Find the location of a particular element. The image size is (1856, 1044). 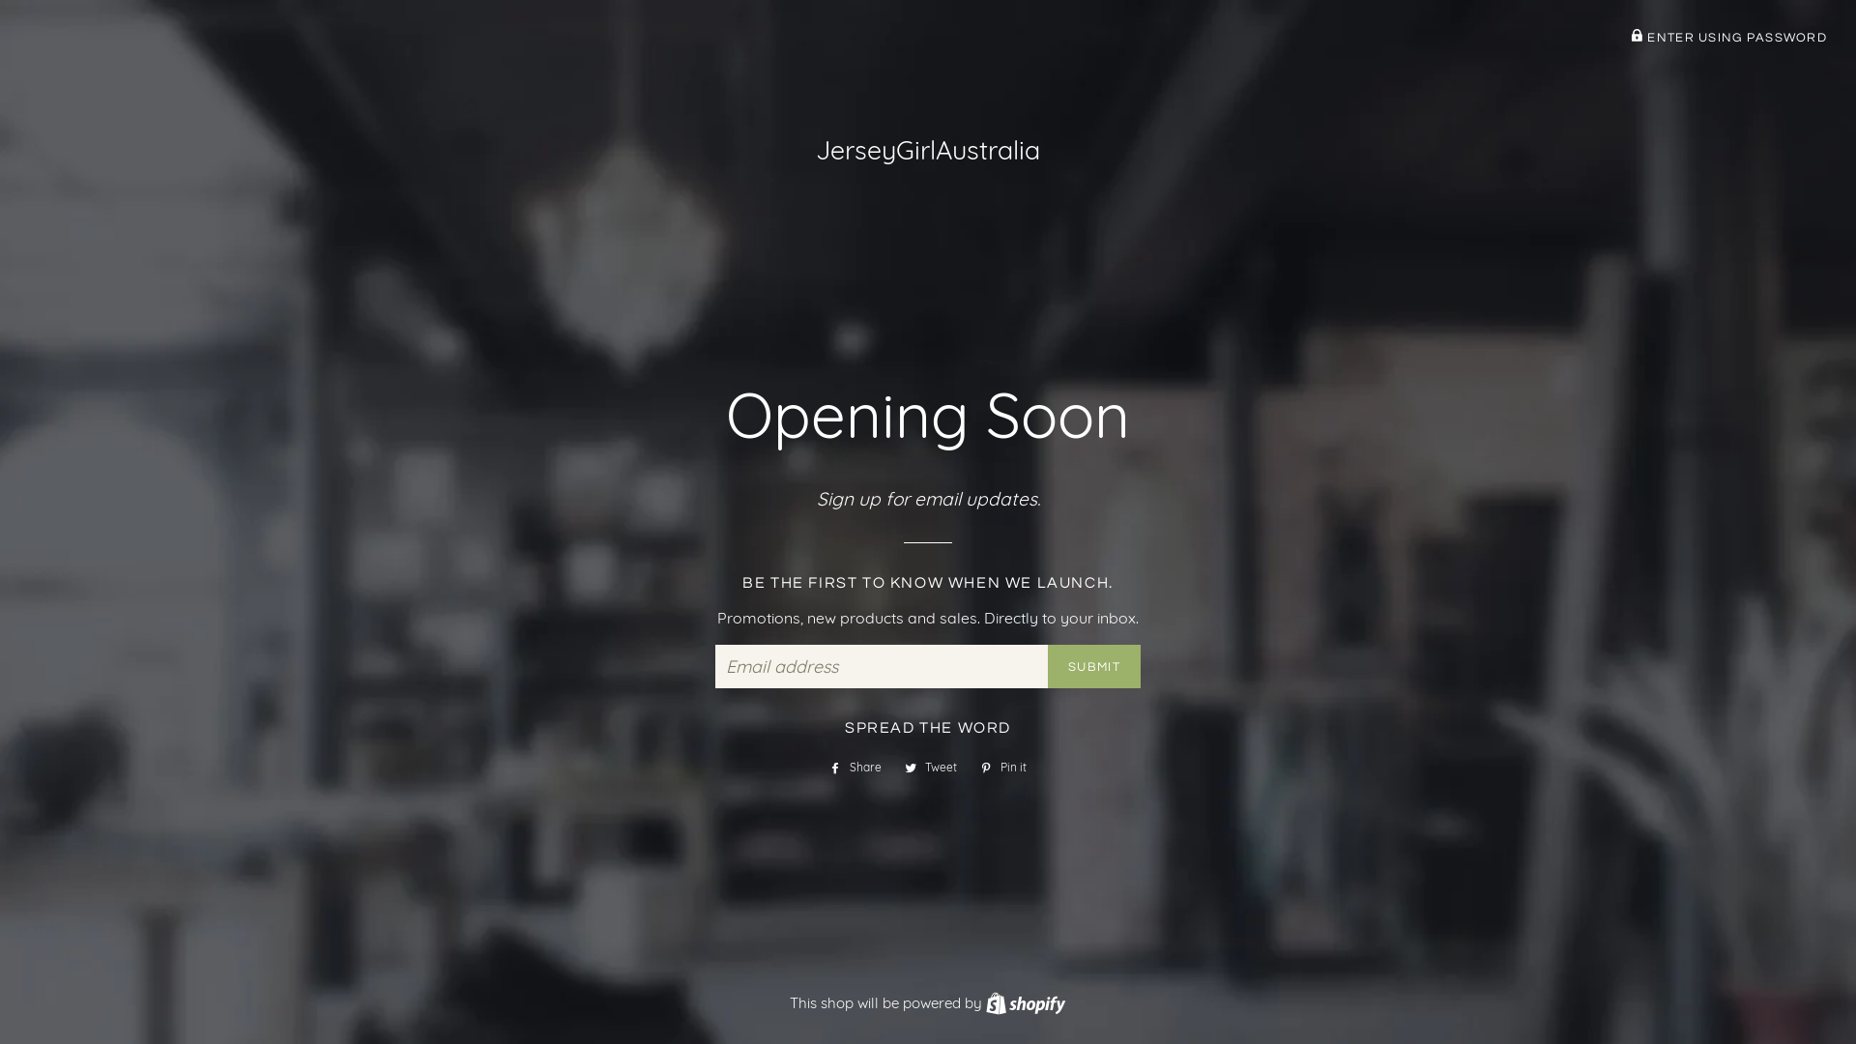

'Shopify logo is located at coordinates (985, 1001).